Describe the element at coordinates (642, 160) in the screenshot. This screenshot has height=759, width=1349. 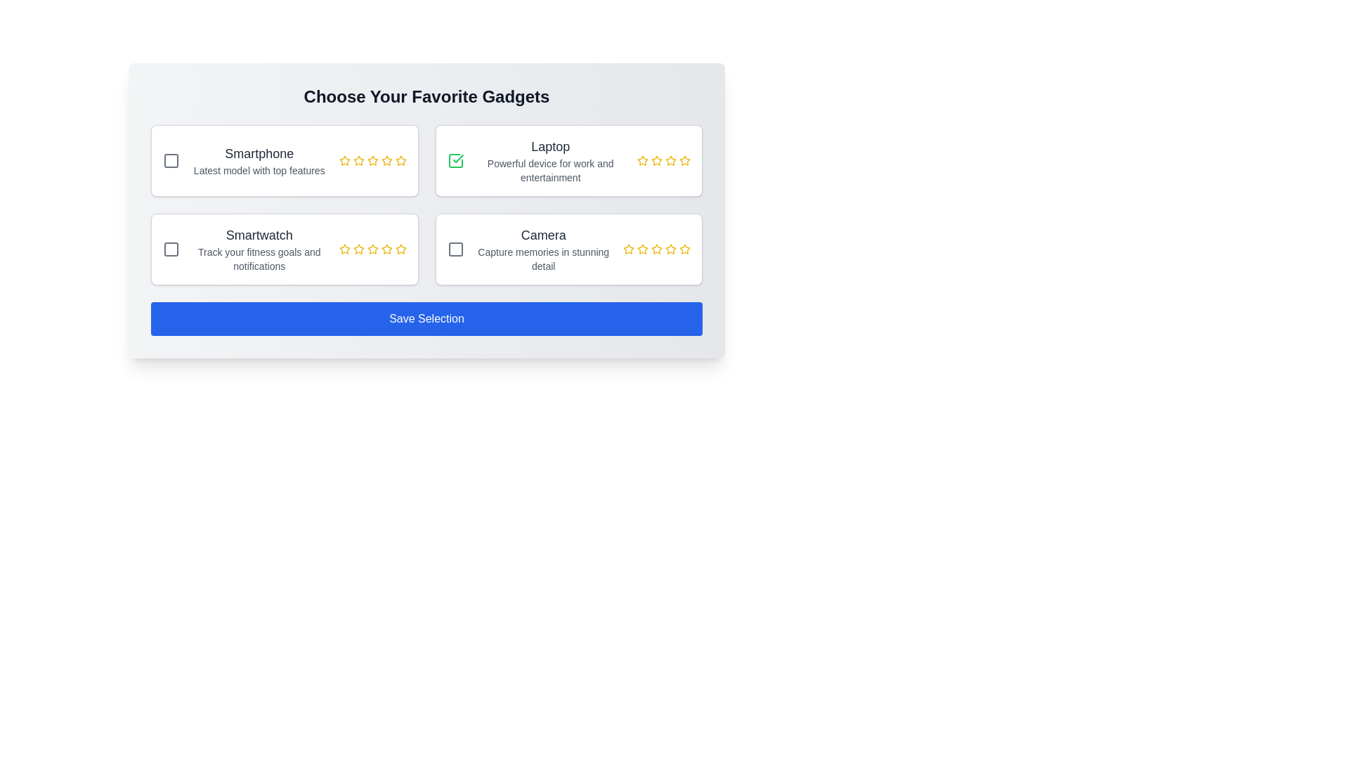
I see `the second star icon from the left in the 5-star rating system for the 'Laptop' section` at that location.